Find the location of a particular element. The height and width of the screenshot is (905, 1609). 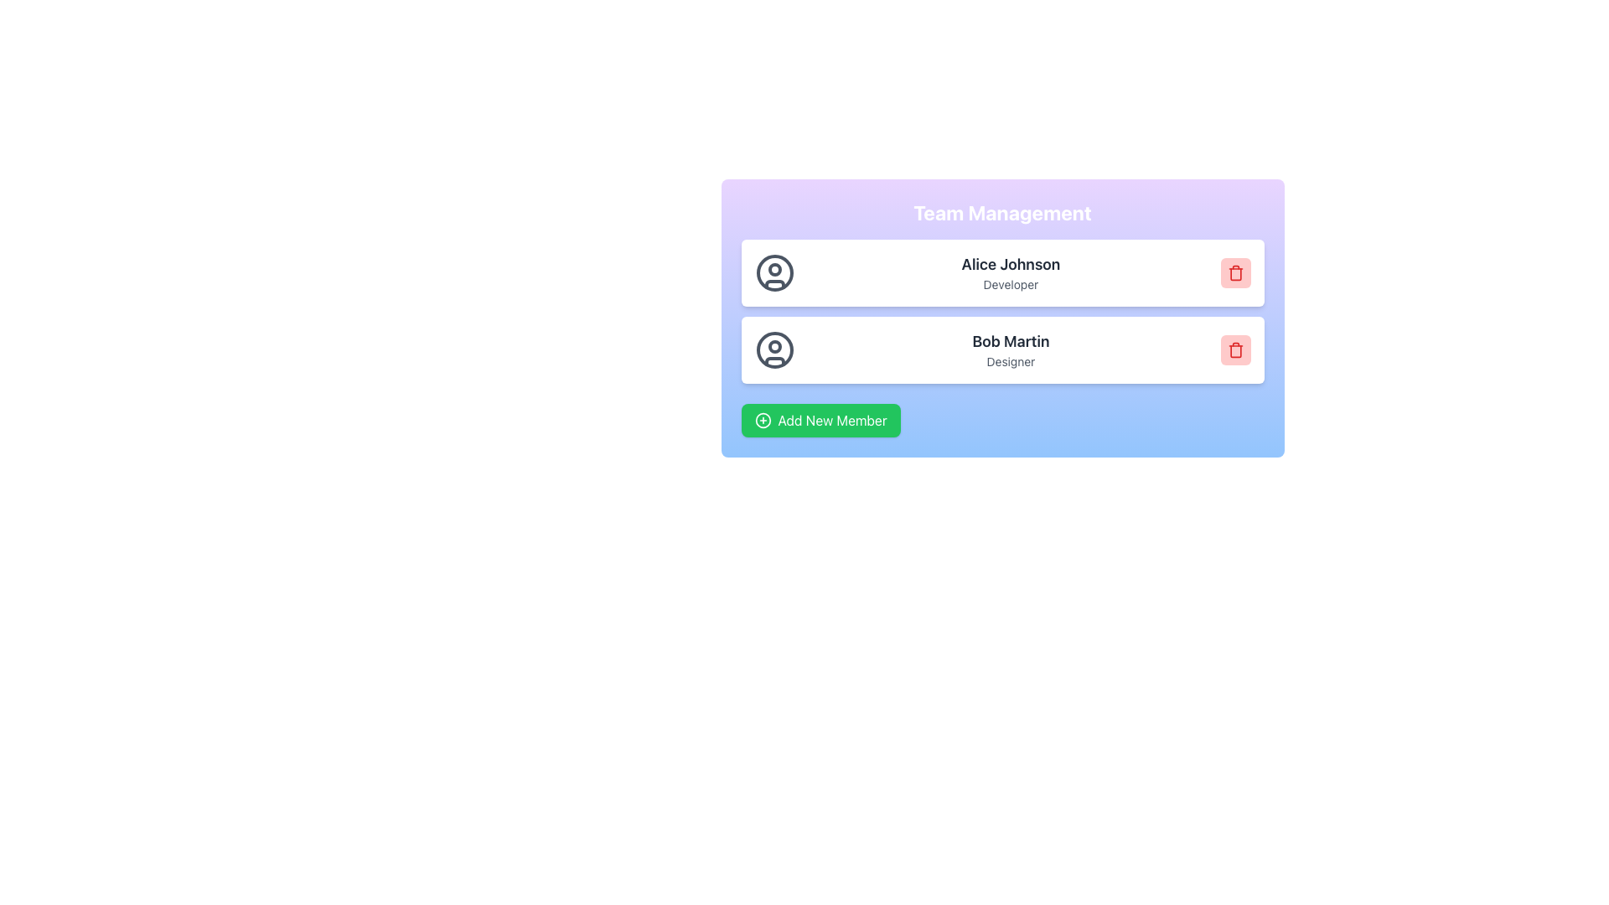

the text display that shows 'Bob Martin' and 'Designer' in the second card of the team members list is located at coordinates (1010, 349).